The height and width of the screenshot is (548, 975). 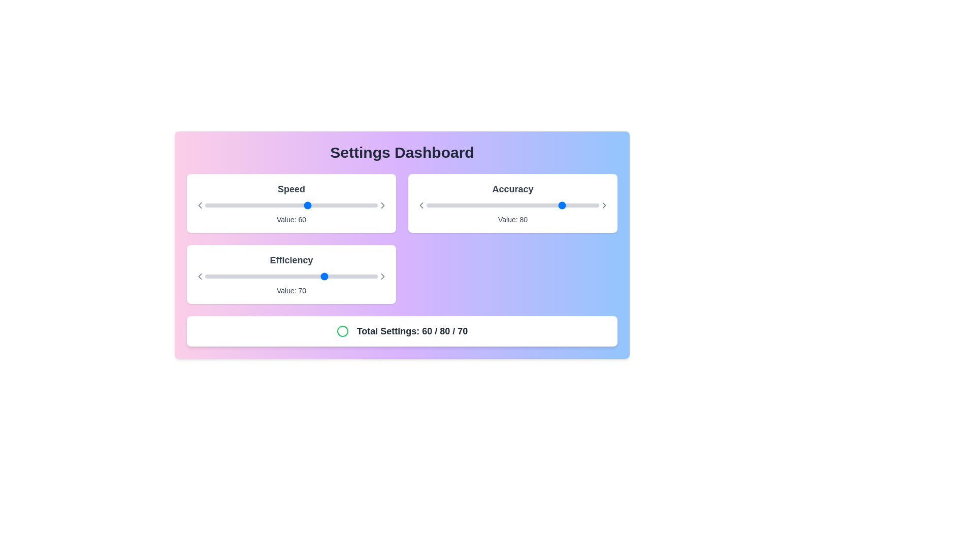 I want to click on efficiency, so click(x=258, y=276).